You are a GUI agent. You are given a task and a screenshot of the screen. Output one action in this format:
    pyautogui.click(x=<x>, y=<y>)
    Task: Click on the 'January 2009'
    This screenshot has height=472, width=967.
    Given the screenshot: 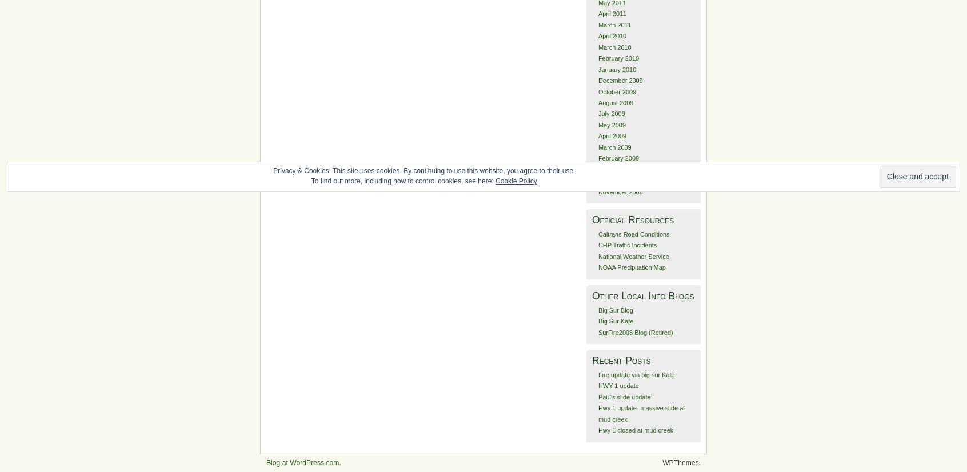 What is the action you would take?
    pyautogui.click(x=617, y=169)
    